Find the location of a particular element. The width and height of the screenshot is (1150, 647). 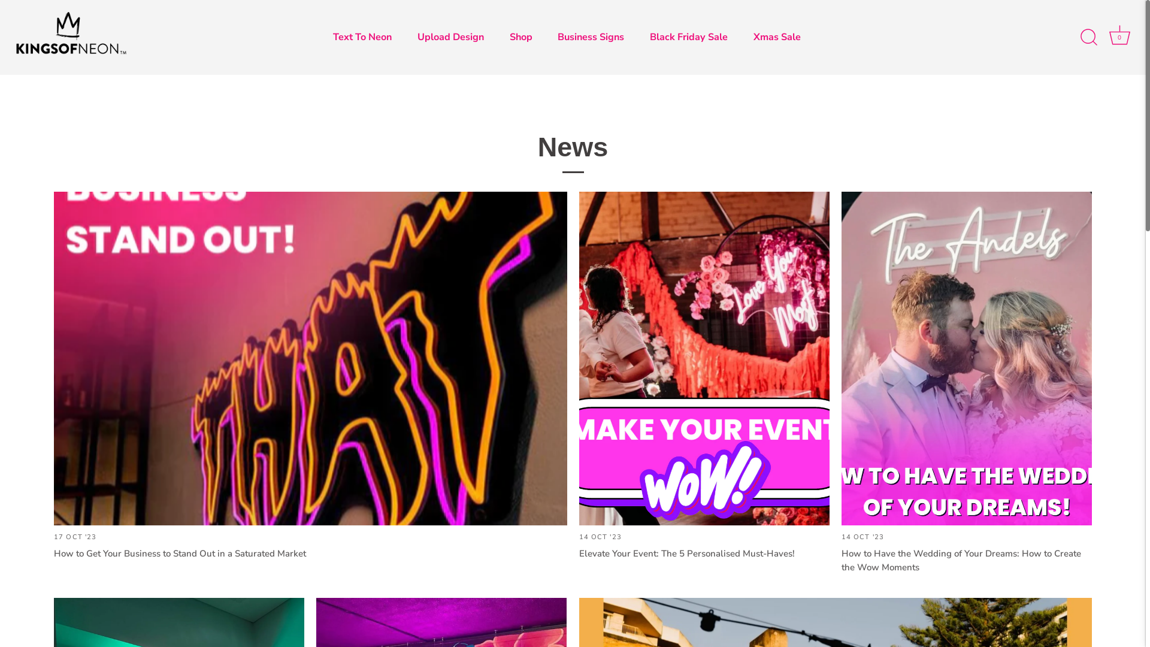

'Black Friday Sale' is located at coordinates (689, 37).